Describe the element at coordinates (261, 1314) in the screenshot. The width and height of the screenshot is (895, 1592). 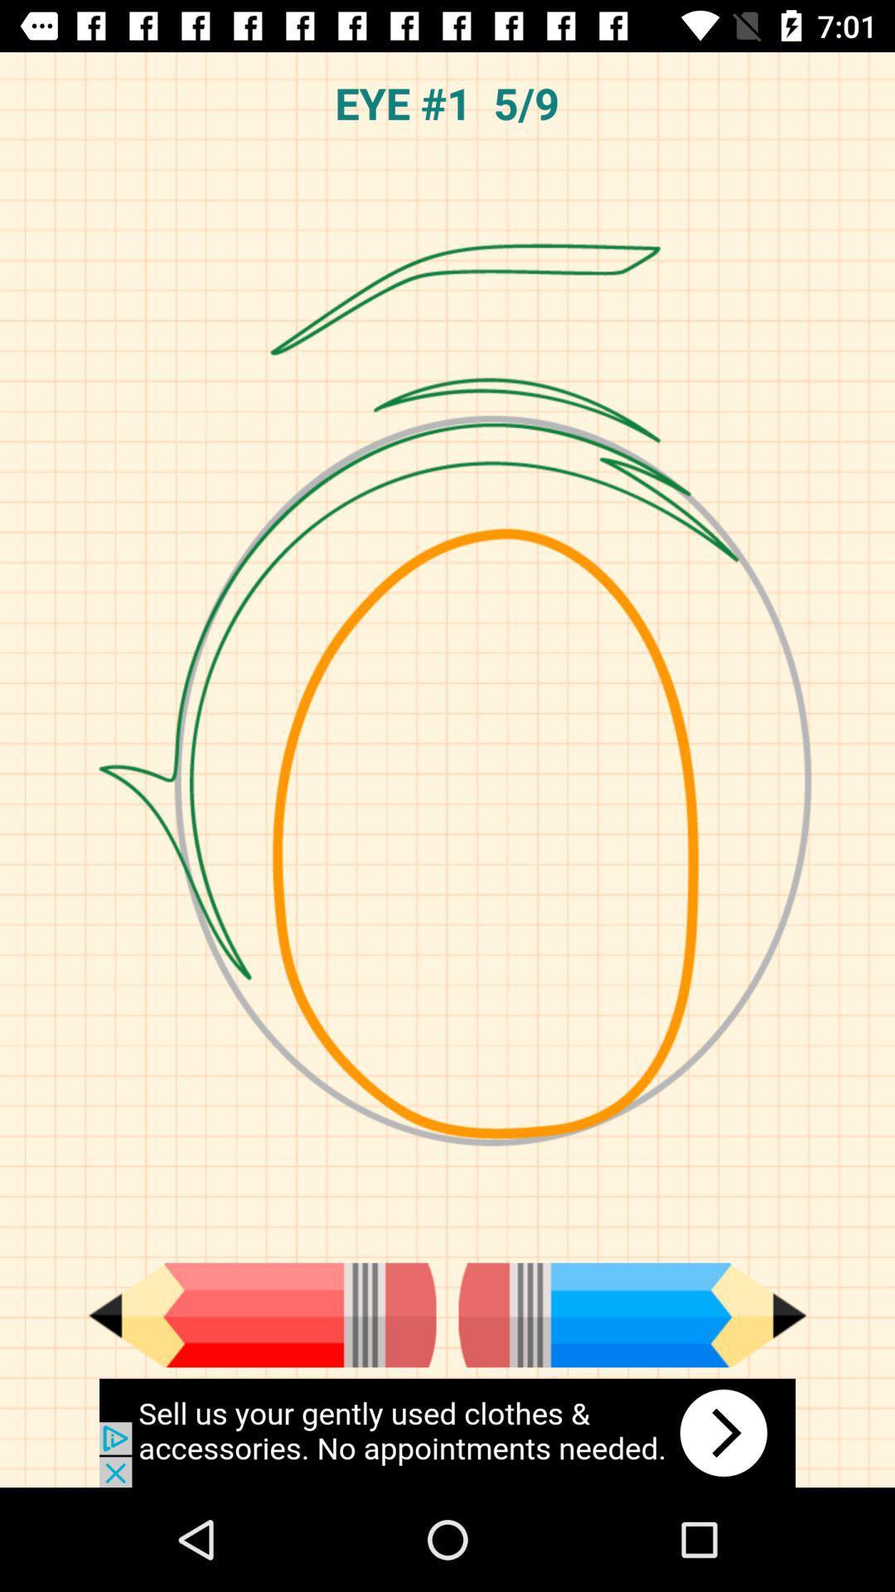
I see `previous color` at that location.